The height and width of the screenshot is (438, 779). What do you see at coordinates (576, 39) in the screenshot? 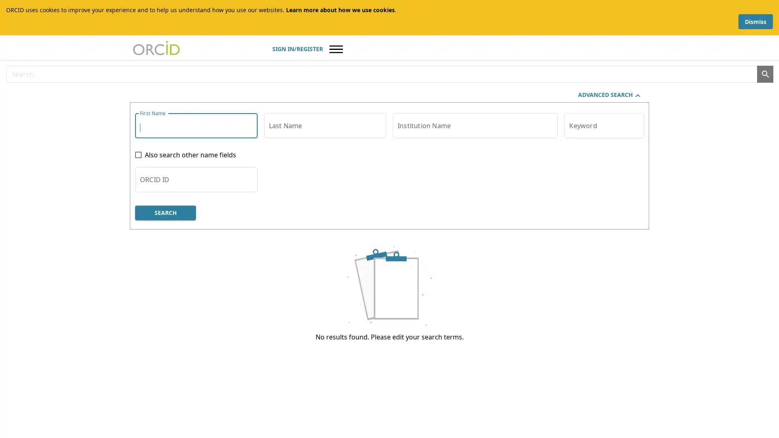
I see `sign in or register` at bounding box center [576, 39].